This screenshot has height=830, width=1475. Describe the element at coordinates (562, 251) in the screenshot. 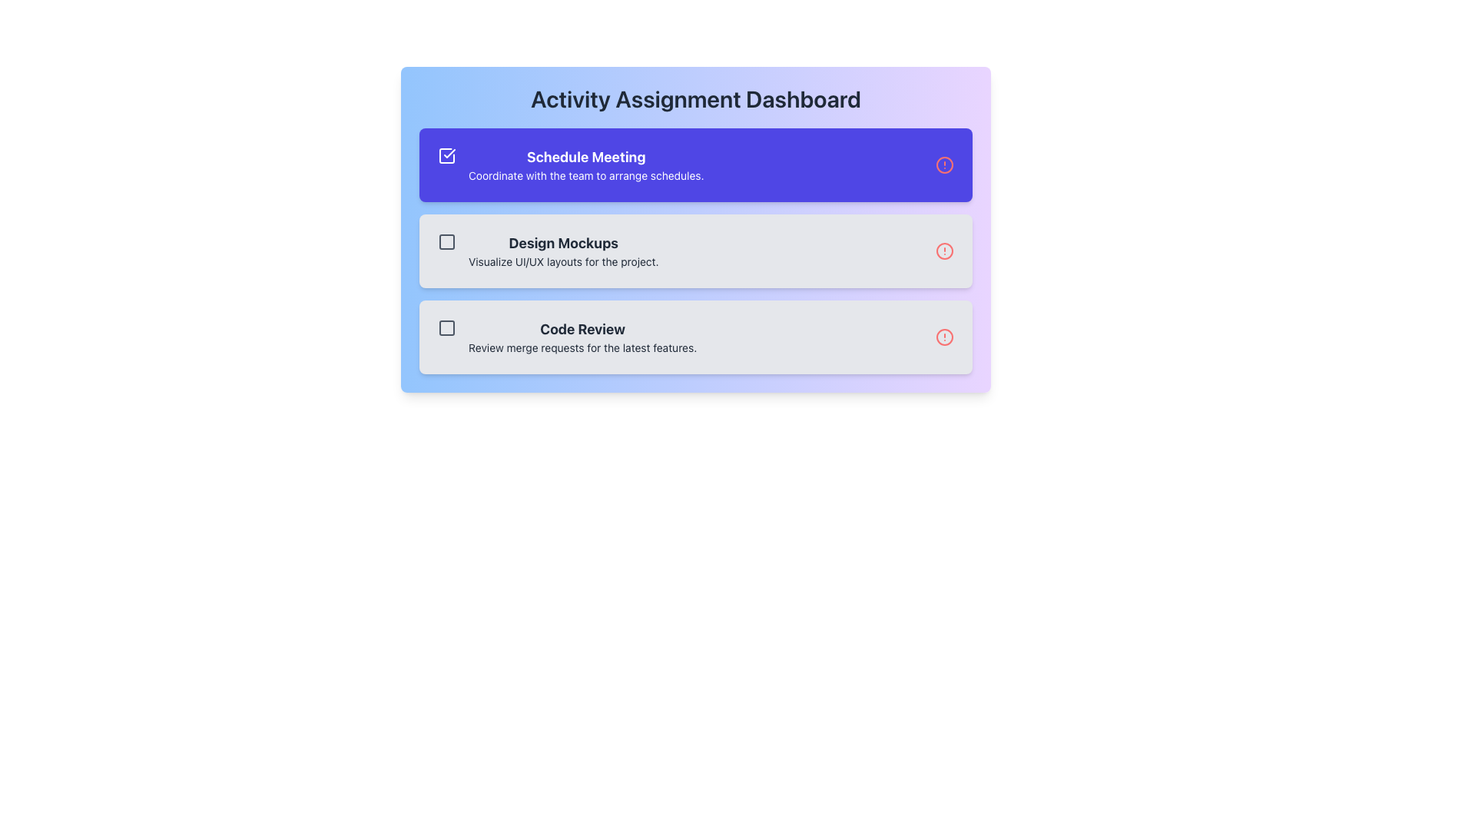

I see `the 'Design Mockups' text block element` at that location.